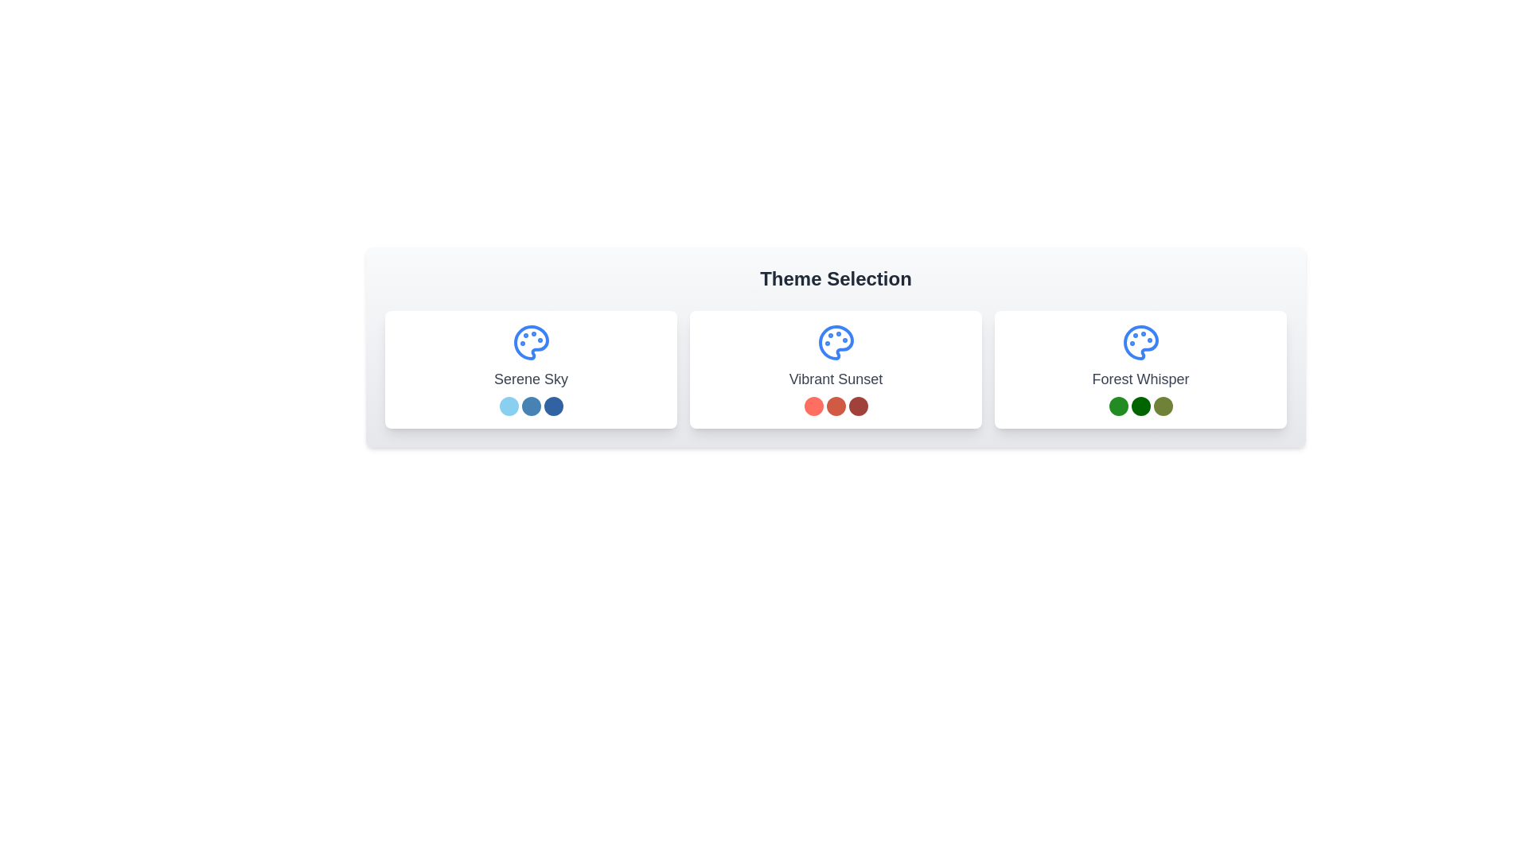  I want to click on each of the three circular color indicators arranged horizontally beneath the 'Serene Sky' title, so click(531, 405).